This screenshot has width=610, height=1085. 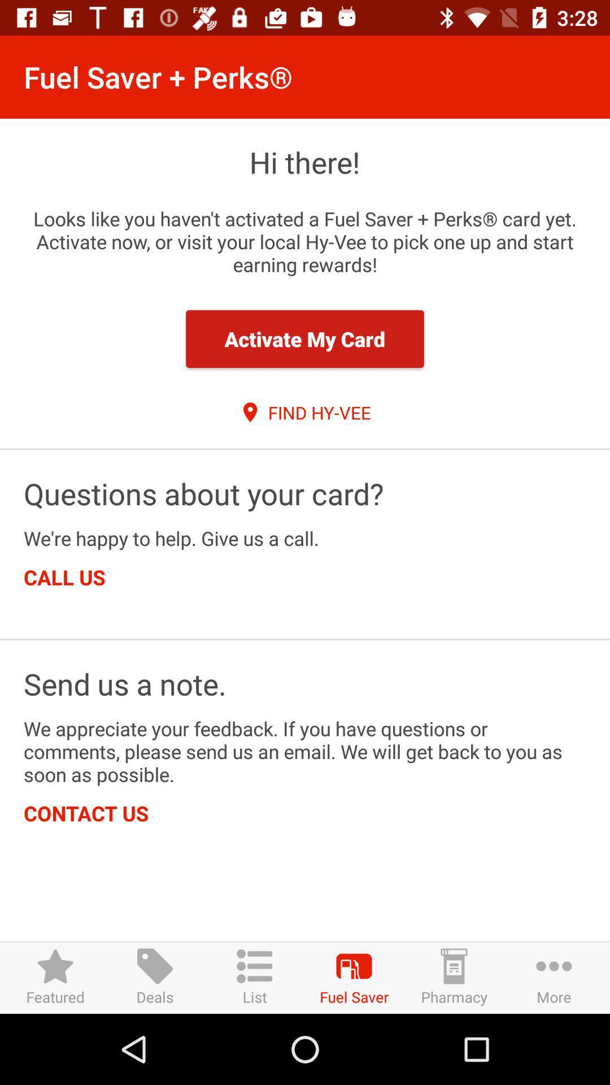 I want to click on the item to the left of fuel saver item, so click(x=255, y=977).